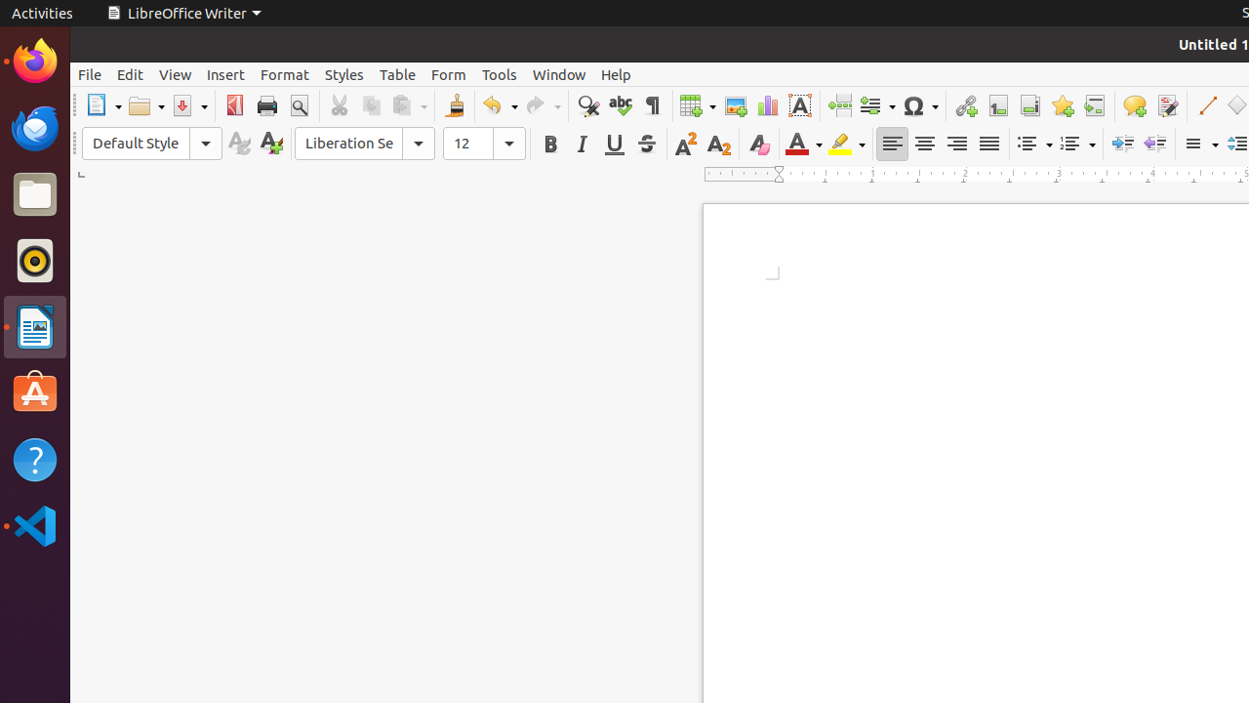 This screenshot has width=1249, height=703. I want to click on 'View', so click(175, 73).